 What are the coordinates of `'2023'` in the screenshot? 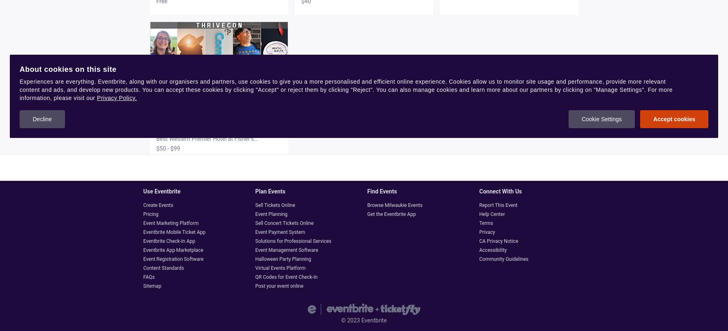 It's located at (353, 320).